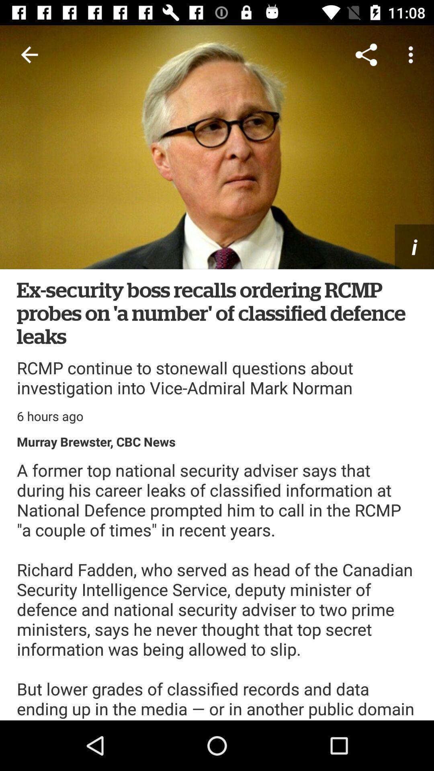  What do you see at coordinates (50, 416) in the screenshot?
I see `the 6 hours ago icon` at bounding box center [50, 416].